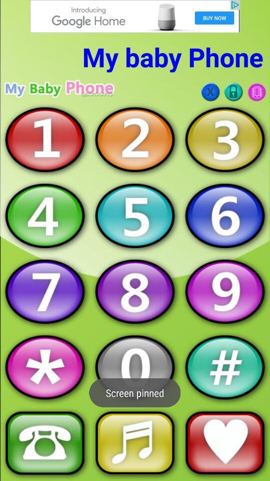 This screenshot has height=481, width=270. Describe the element at coordinates (256, 92) in the screenshot. I see `vibrate mode` at that location.